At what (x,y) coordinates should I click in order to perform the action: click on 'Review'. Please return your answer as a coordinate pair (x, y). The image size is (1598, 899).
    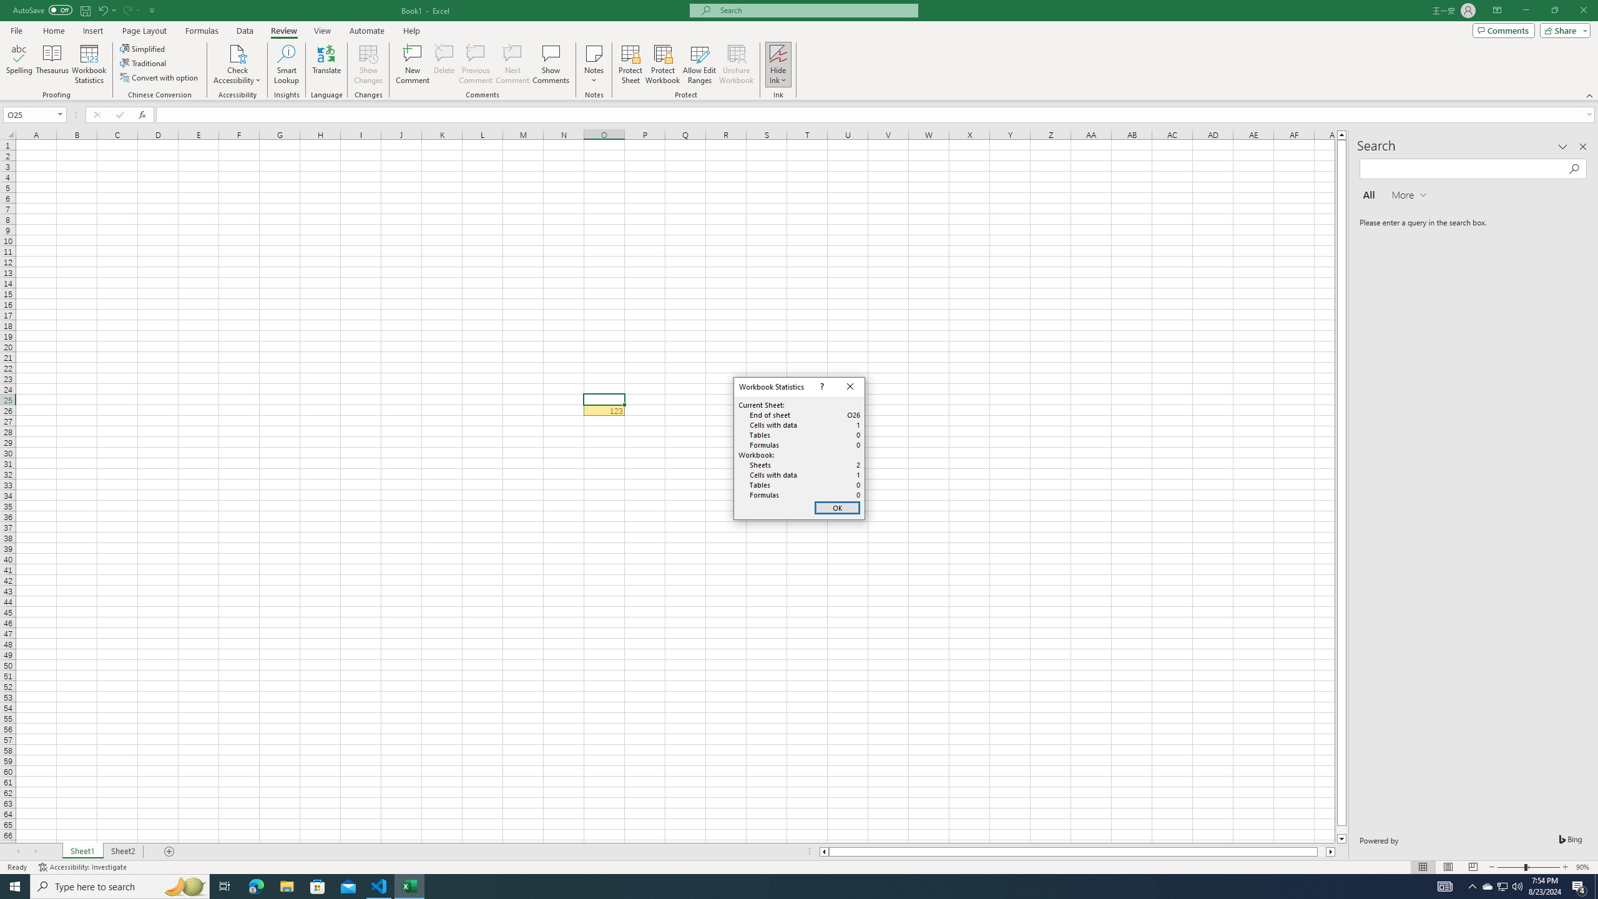
    Looking at the image, I should click on (283, 31).